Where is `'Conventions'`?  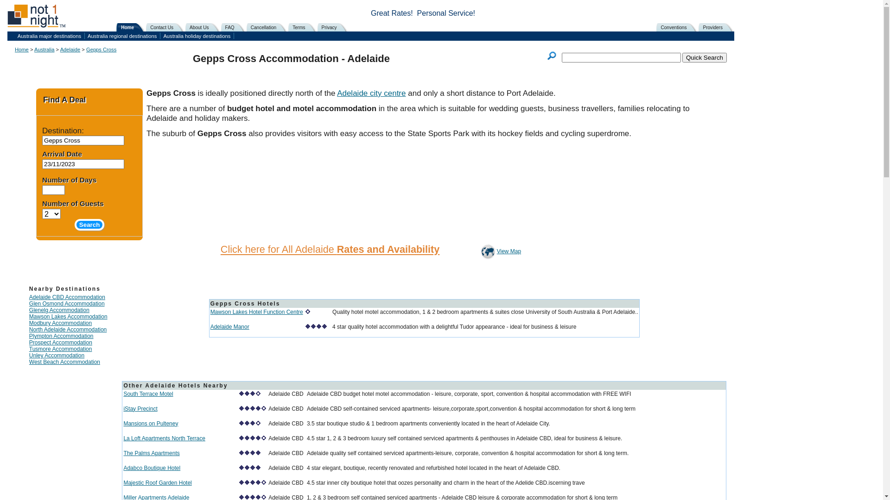
'Conventions' is located at coordinates (678, 26).